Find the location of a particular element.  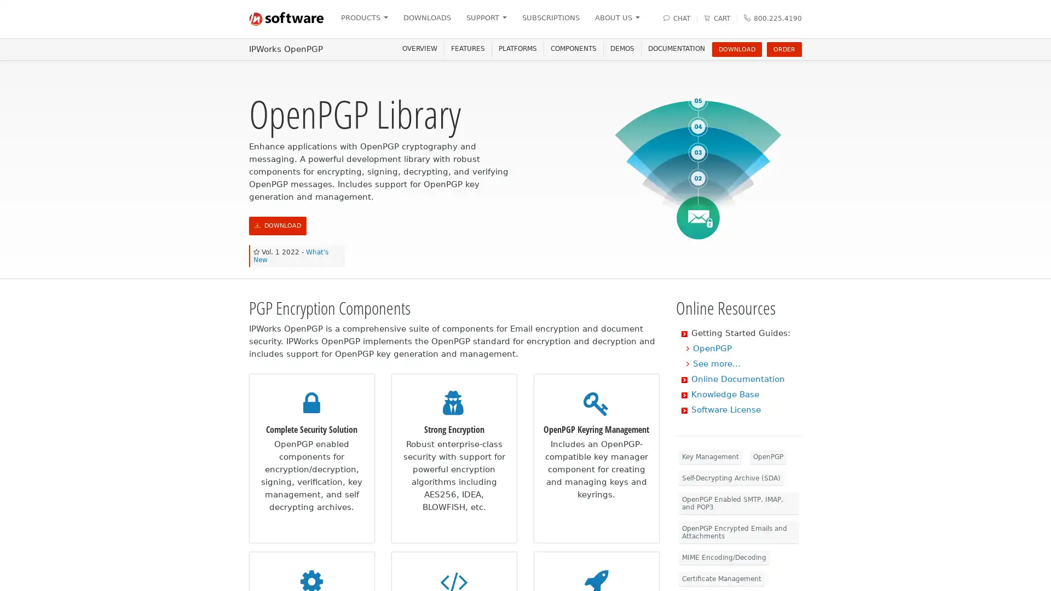

PRODUCTS is located at coordinates (364, 18).